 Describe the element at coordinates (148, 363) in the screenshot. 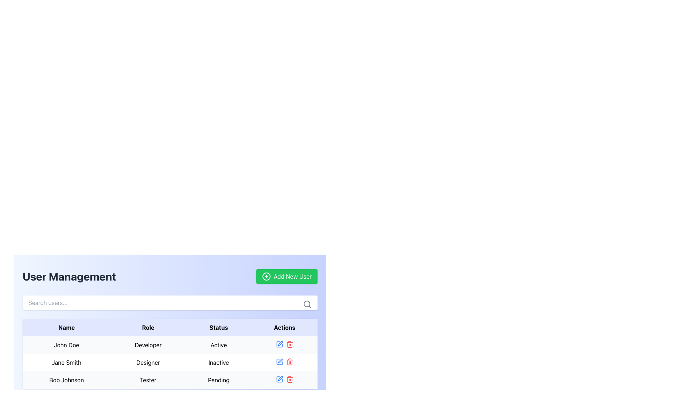

I see `the static text label displaying 'Designer' in the Role column of the table for user 'Jane Smith'` at that location.